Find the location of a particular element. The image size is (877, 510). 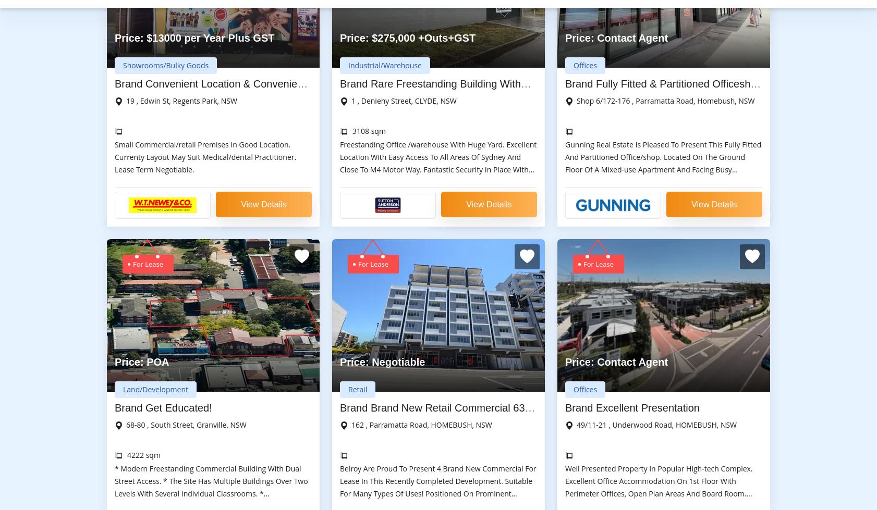

'Commercial Properties For Lease Melbourne, VIC' is located at coordinates (515, 315).